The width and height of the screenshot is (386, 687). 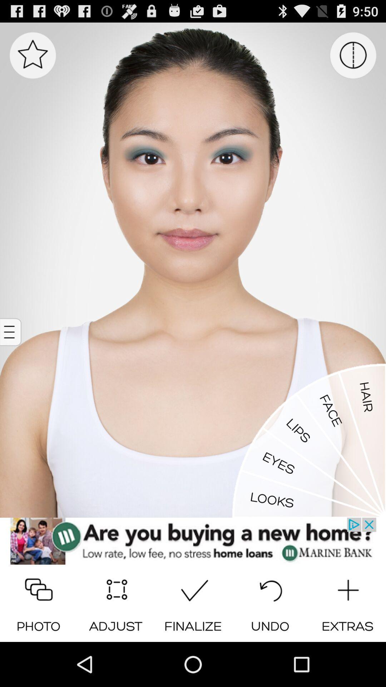 I want to click on the star icon, so click(x=33, y=59).